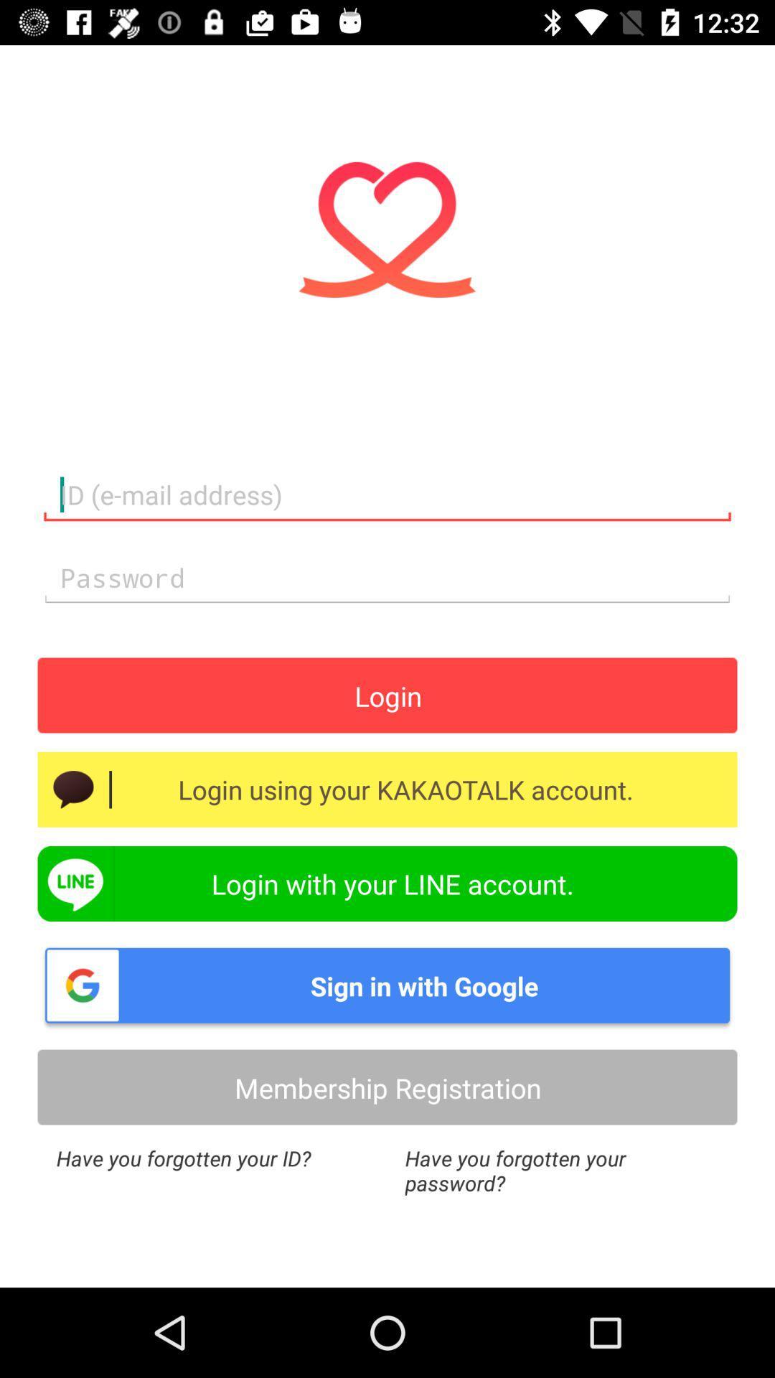 This screenshot has width=775, height=1378. I want to click on the 1st text field, so click(387, 495).